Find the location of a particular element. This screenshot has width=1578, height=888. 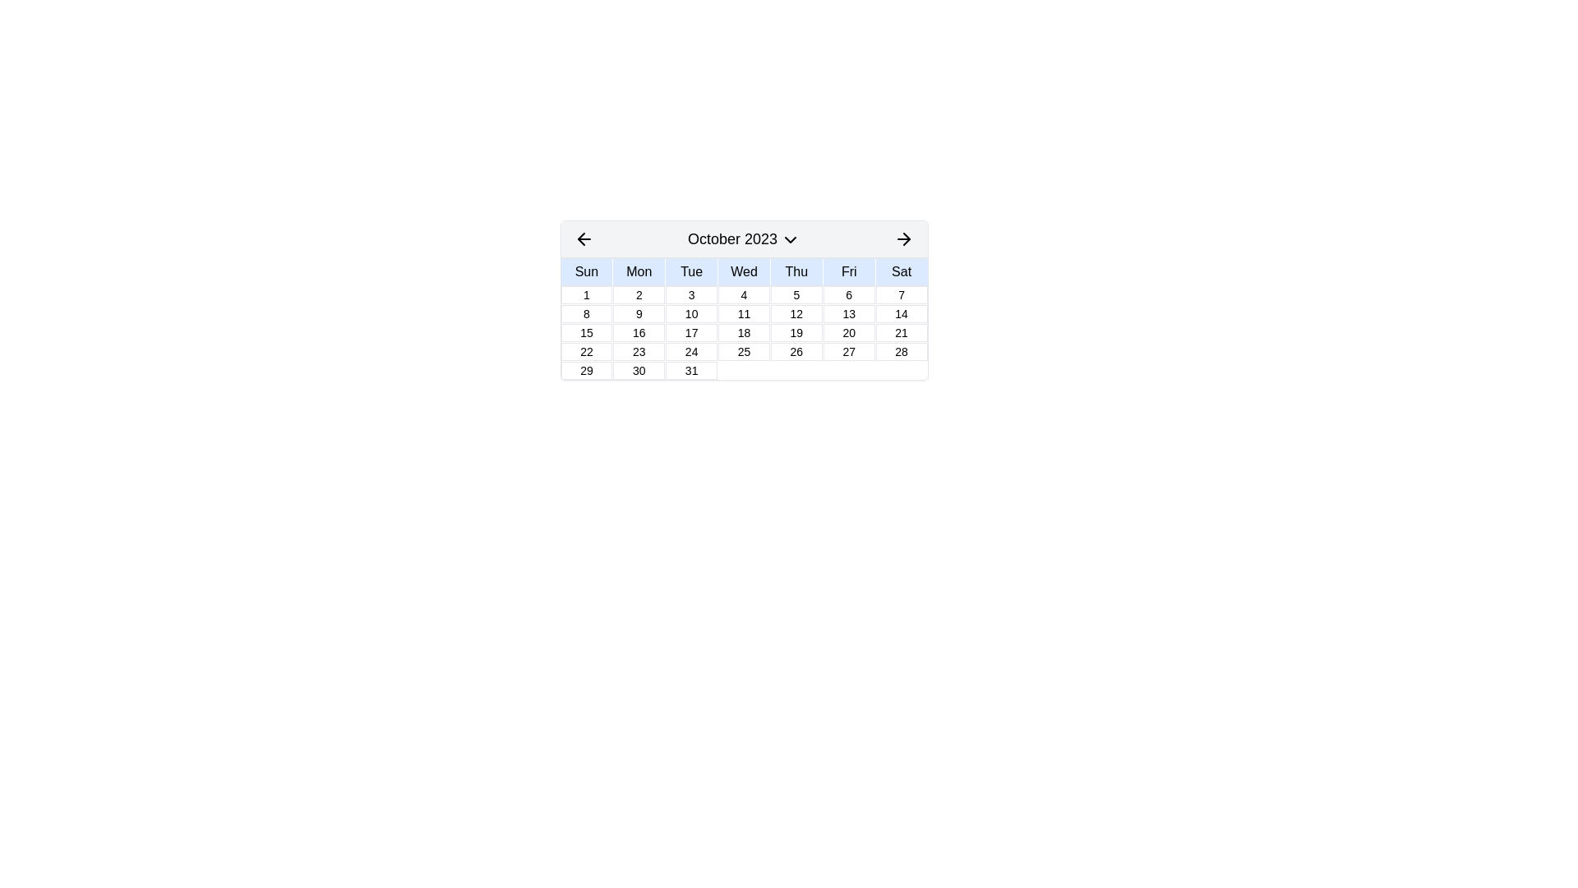

the calendar date tile representing the third day of the month, located is located at coordinates (691, 294).